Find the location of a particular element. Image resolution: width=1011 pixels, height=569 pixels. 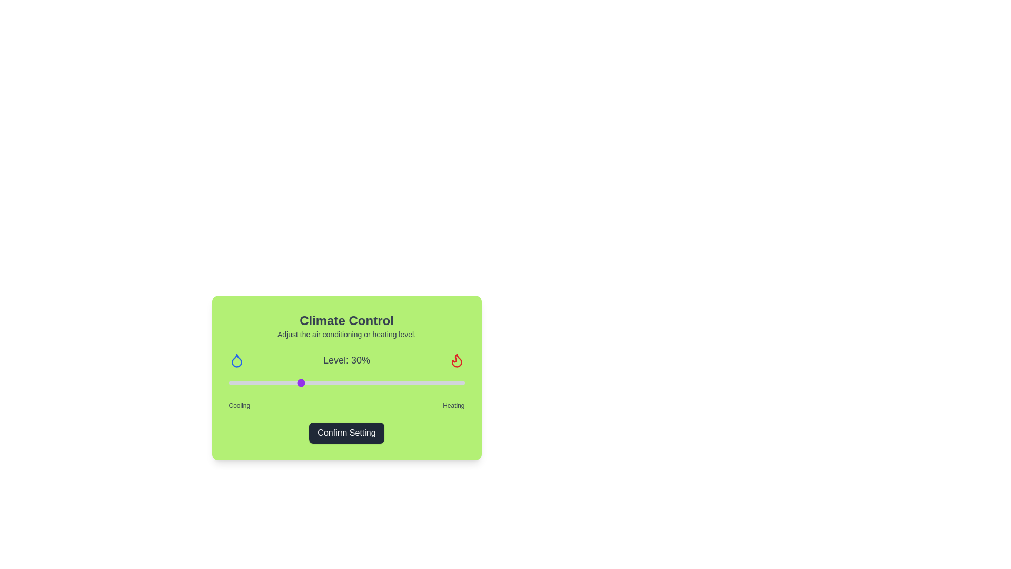

the slider to set the level to 92% is located at coordinates (445, 382).